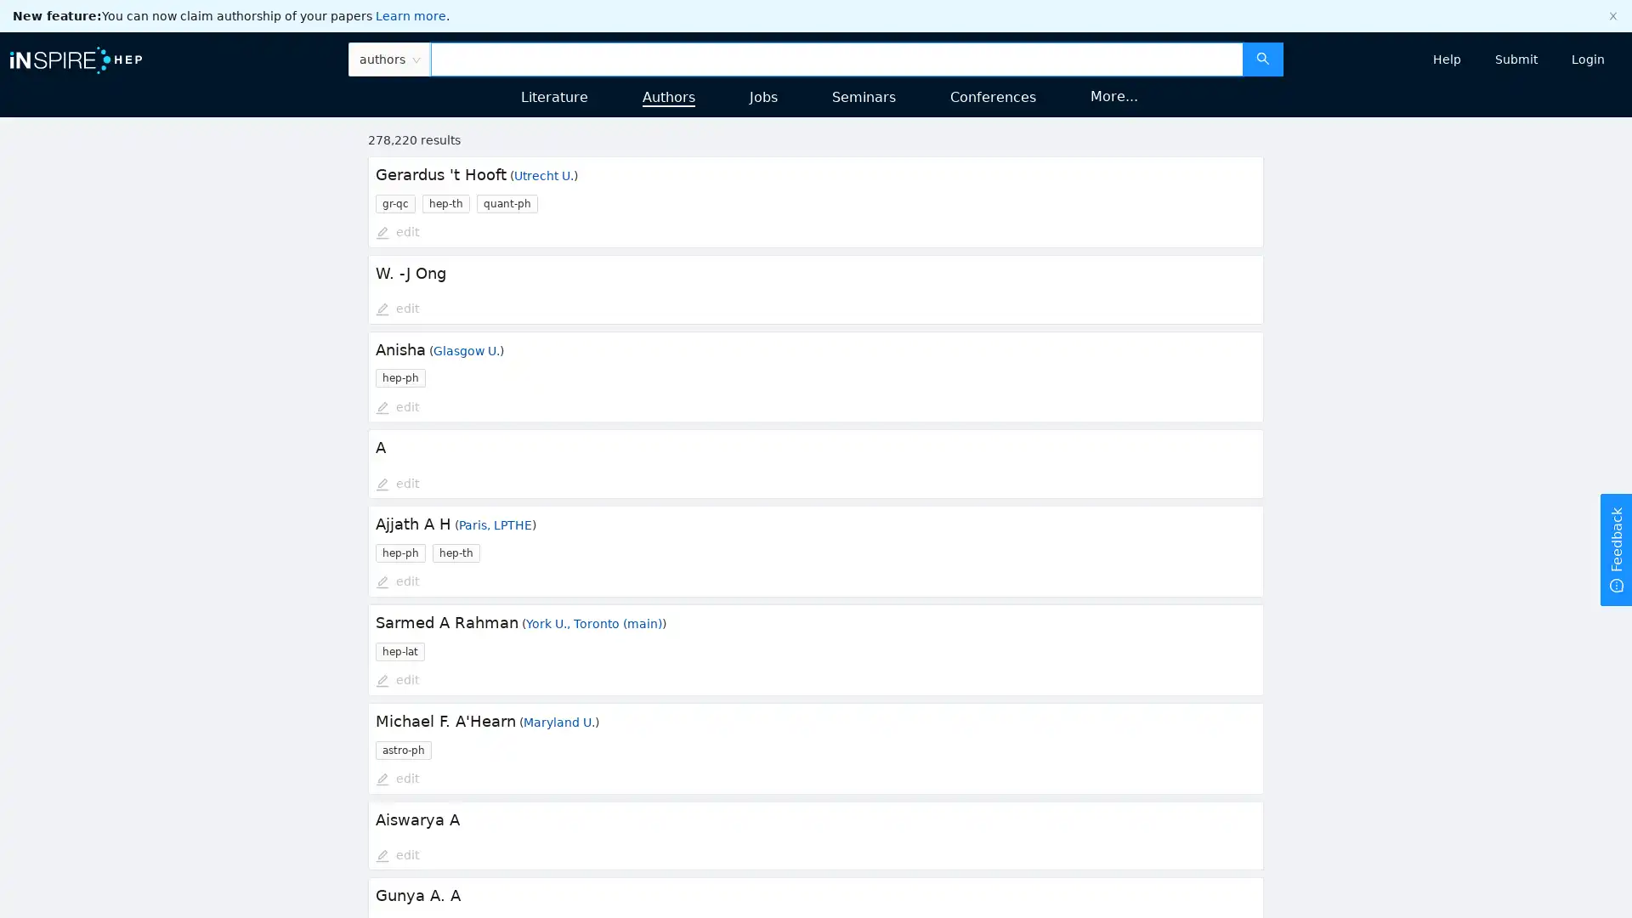  Describe the element at coordinates (396, 581) in the screenshot. I see `edit edit` at that location.